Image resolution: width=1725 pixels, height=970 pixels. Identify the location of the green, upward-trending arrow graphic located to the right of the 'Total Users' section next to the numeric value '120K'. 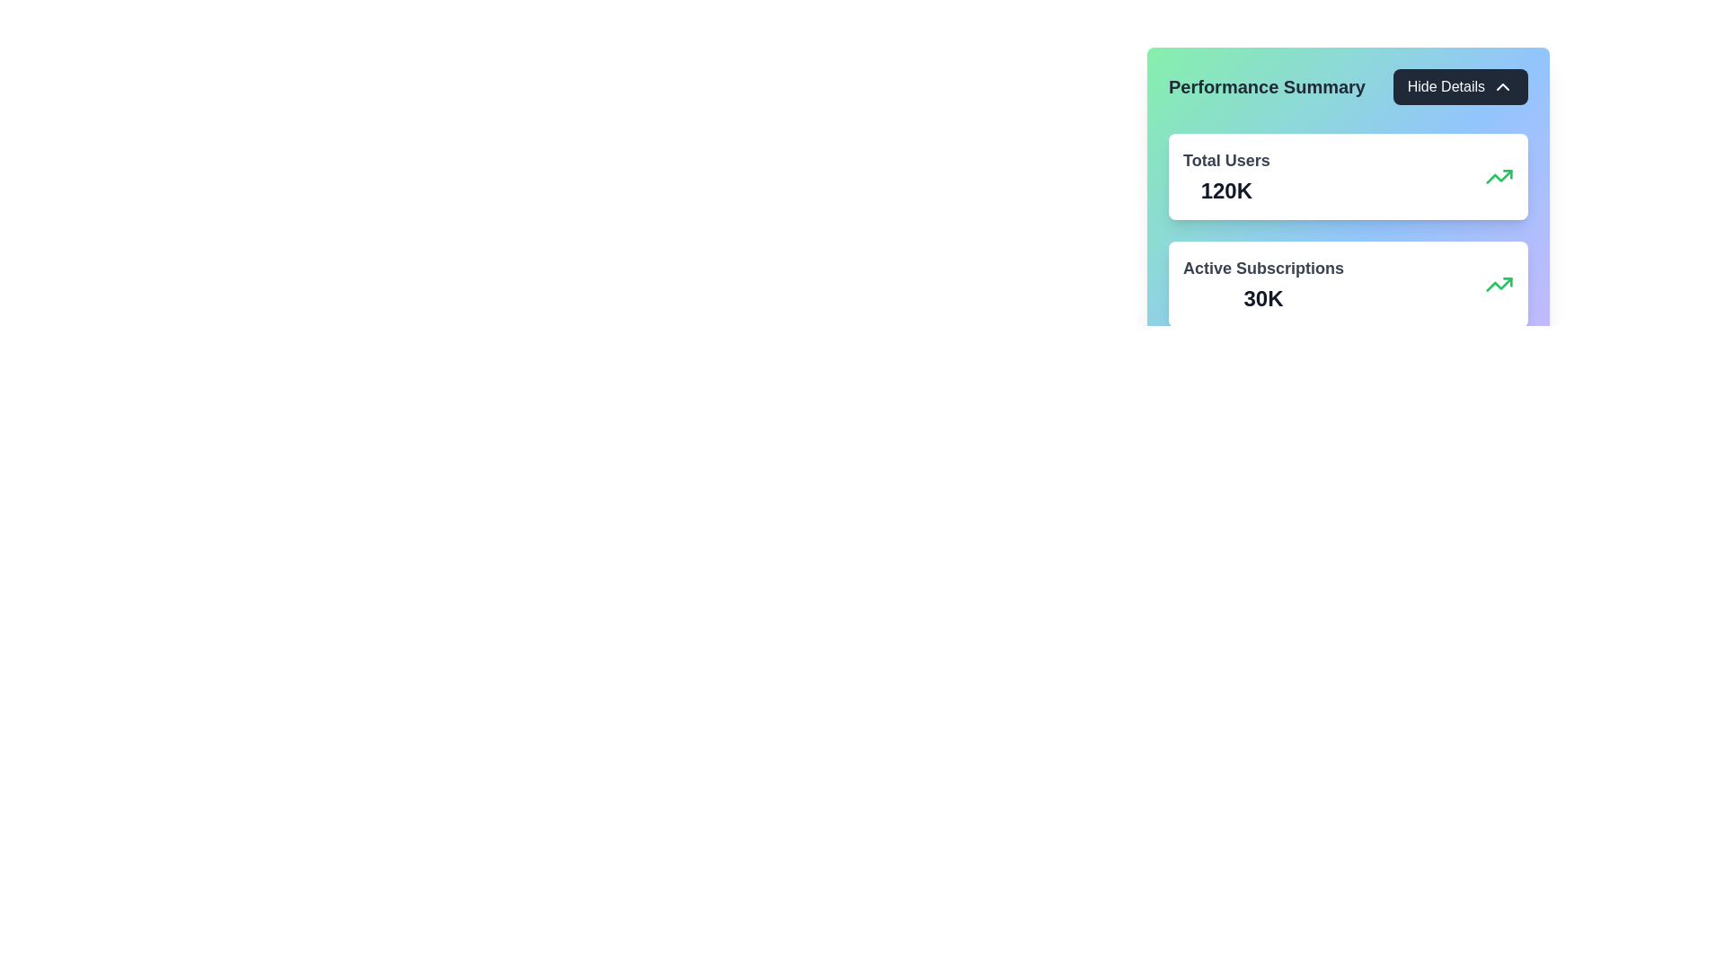
(1499, 283).